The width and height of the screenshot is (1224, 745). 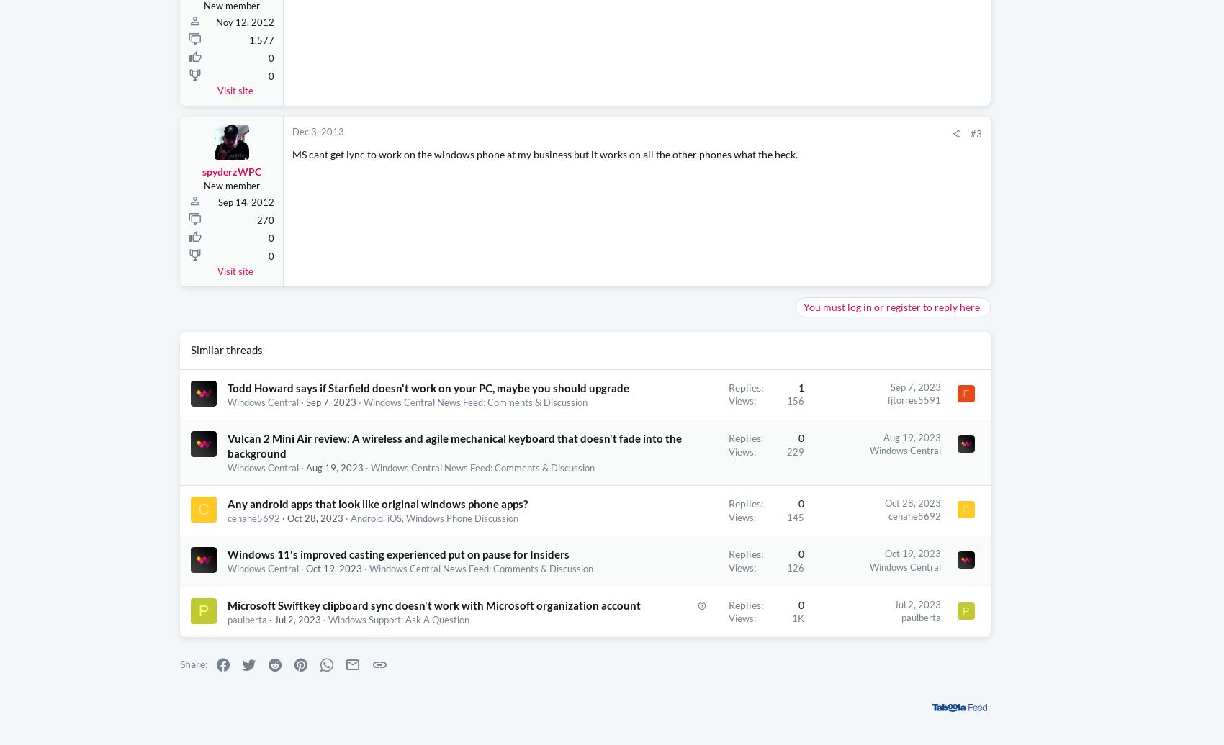 I want to click on 'Razer is practically giving this behemoth of a gaming laptop away by shaving off $1000 and giving you a FREE $200 gift card', so click(x=943, y=523).